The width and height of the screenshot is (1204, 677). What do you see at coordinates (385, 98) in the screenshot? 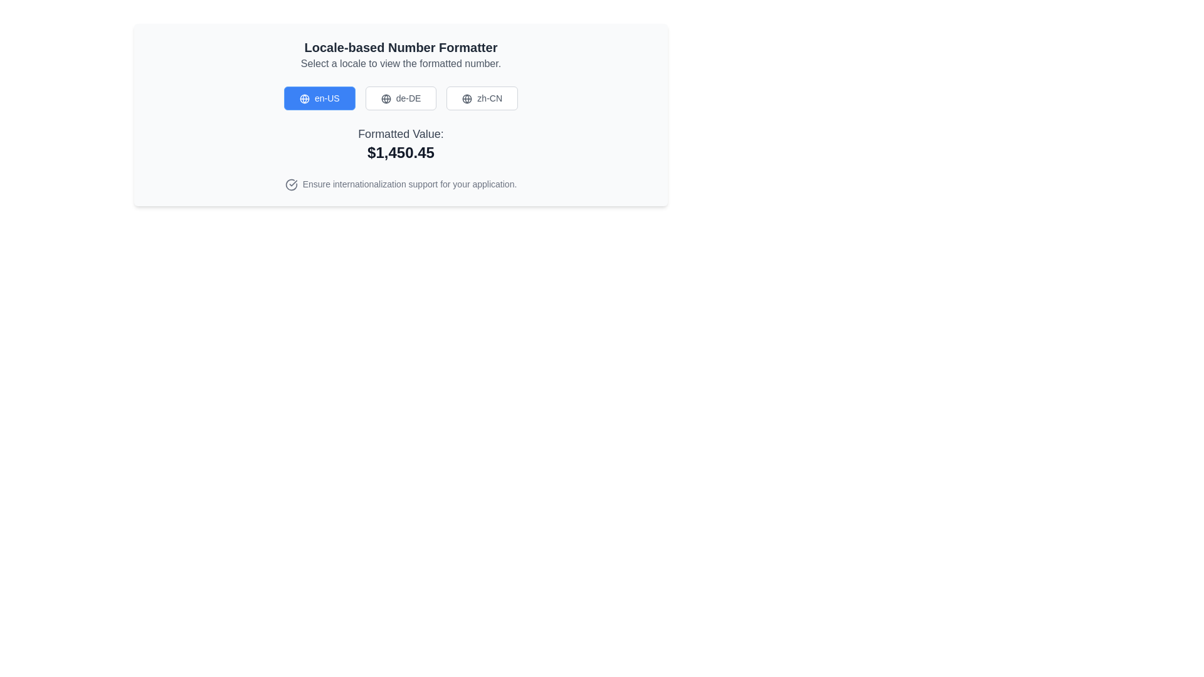
I see `the globe icon located to the left of the 'de-DE' button` at bounding box center [385, 98].